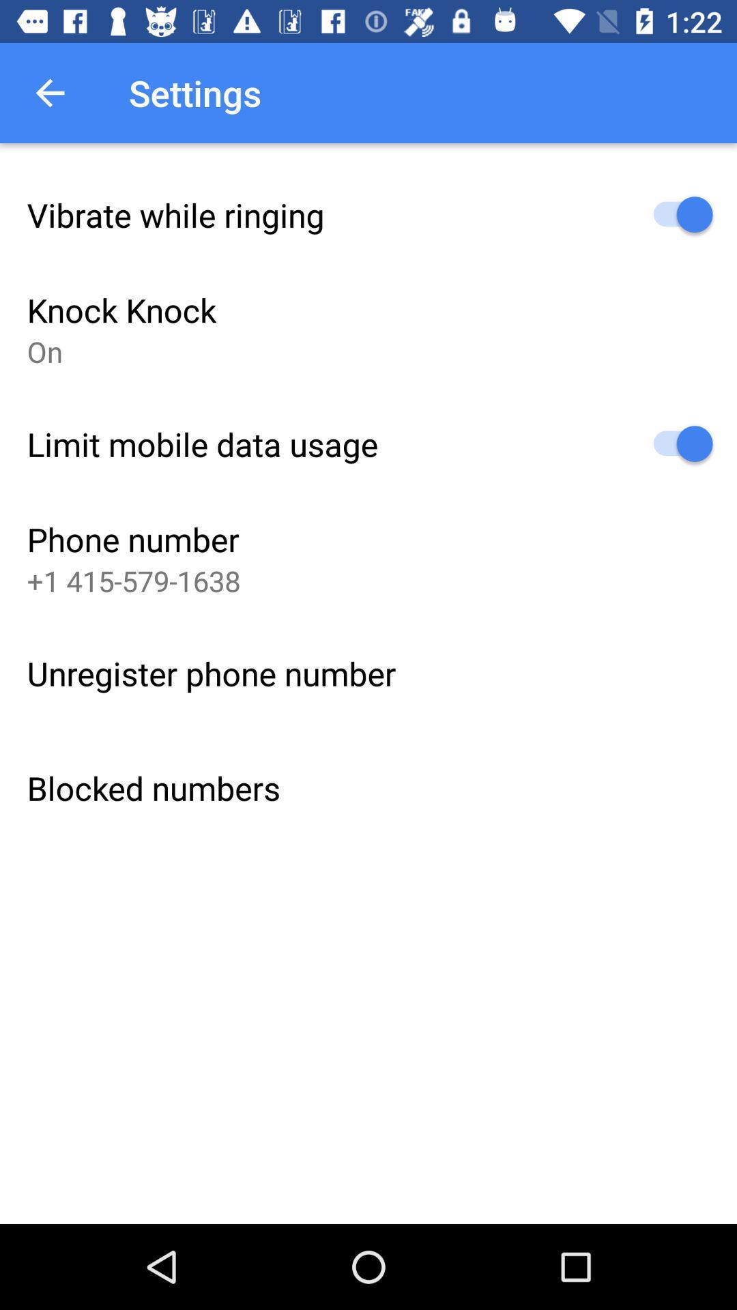  Describe the element at coordinates (175, 214) in the screenshot. I see `the vibrate while ringing icon` at that location.